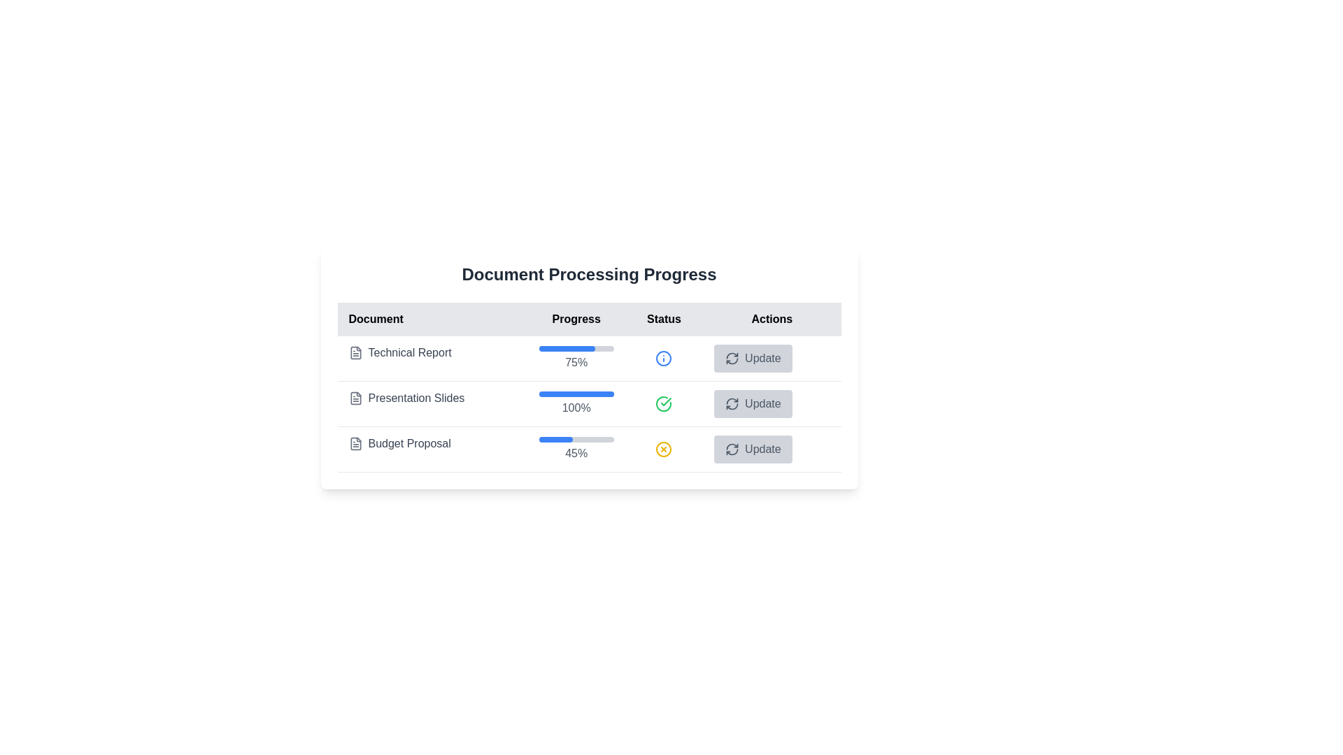 The height and width of the screenshot is (755, 1343). Describe the element at coordinates (355, 444) in the screenshot. I see `the icon representing the 'Budget Proposal' document, which is located directly to the left of the 'Budget Proposal' label in the document list` at that location.